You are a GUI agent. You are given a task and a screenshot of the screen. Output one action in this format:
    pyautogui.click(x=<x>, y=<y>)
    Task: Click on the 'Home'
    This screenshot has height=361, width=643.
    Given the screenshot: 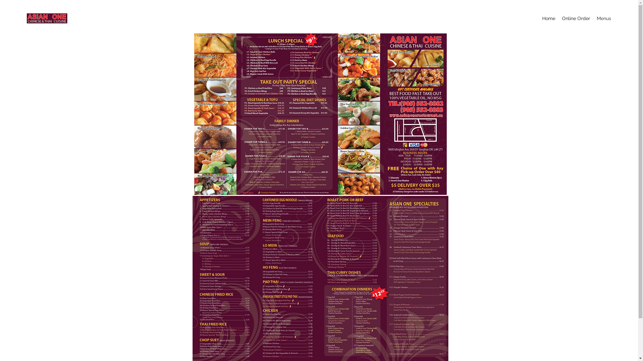 What is the action you would take?
    pyautogui.click(x=549, y=18)
    